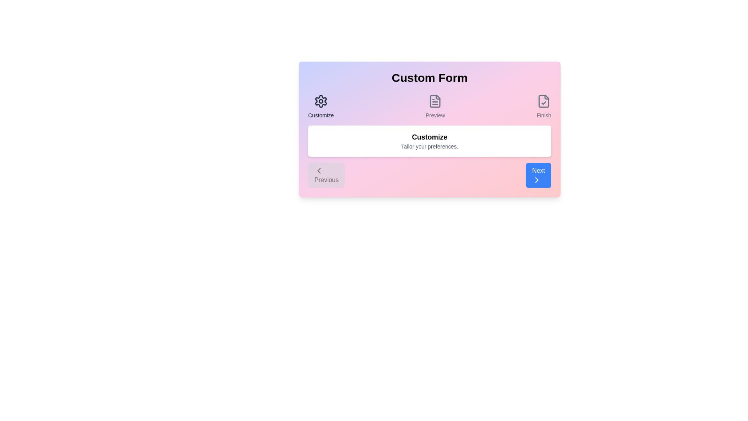 The height and width of the screenshot is (421, 748). What do you see at coordinates (326, 175) in the screenshot?
I see `the button labeled Previous to observe visual feedback` at bounding box center [326, 175].